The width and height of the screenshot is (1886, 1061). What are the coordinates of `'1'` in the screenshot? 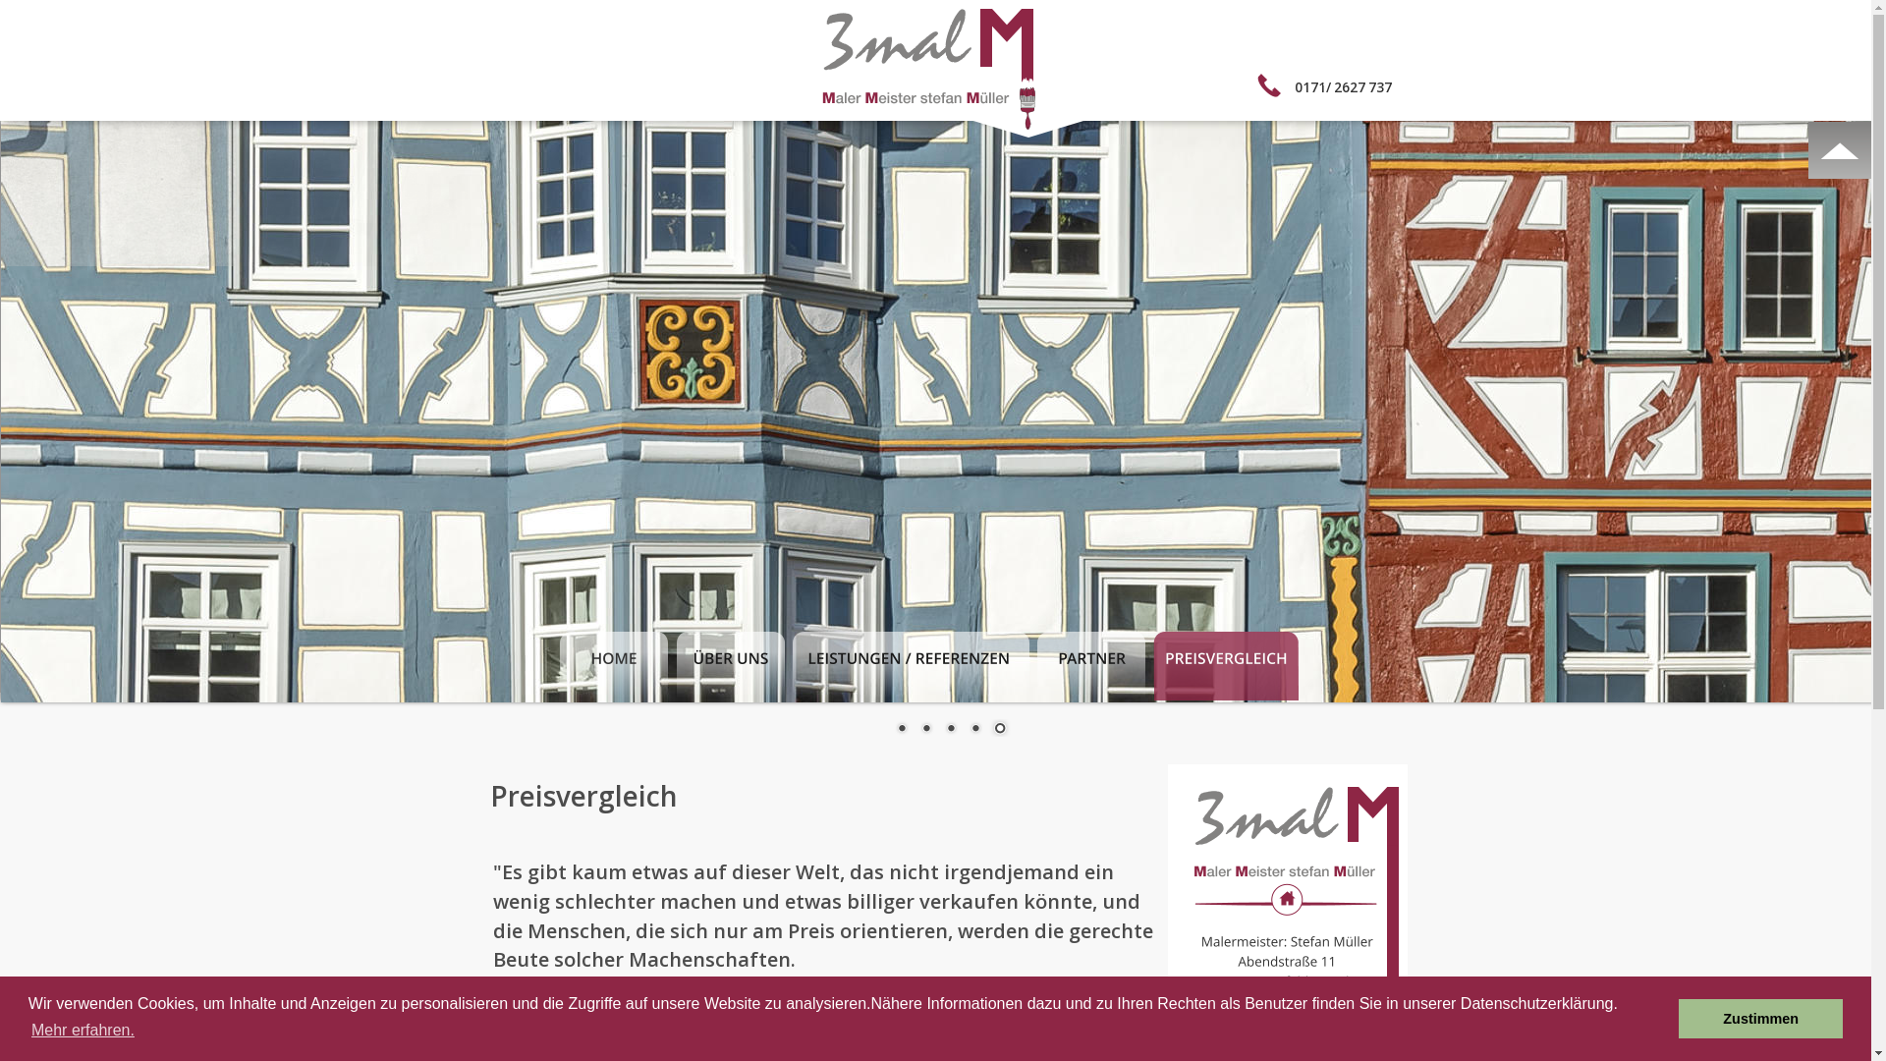 It's located at (899, 730).